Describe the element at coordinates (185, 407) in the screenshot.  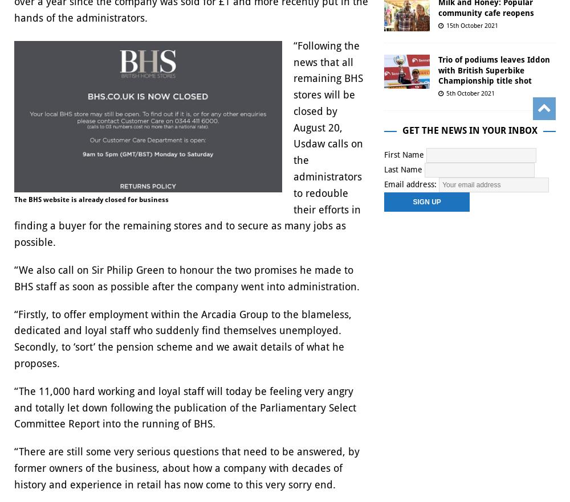
I see `'“The 11,000 hard working and loyal staff will today be feeling very angry and totally let down following the publication of the Parliamentary Select Committee Report into the running of BHS.'` at that location.